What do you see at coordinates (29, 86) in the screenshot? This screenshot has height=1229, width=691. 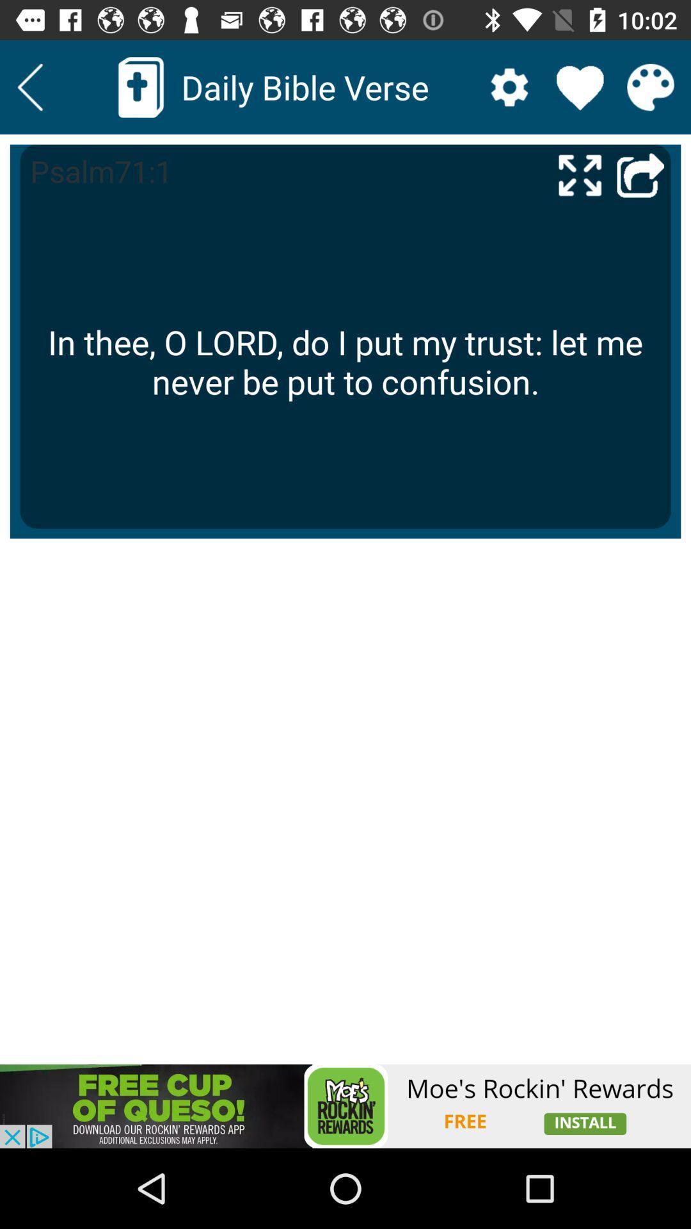 I see `go back` at bounding box center [29, 86].